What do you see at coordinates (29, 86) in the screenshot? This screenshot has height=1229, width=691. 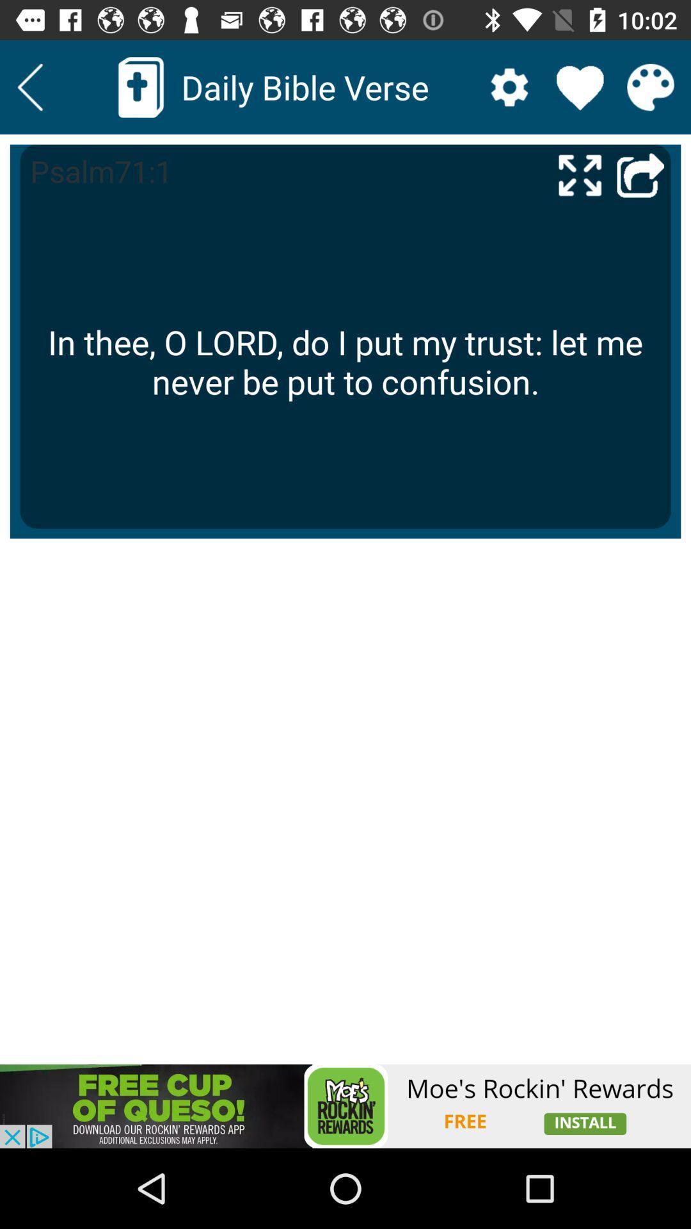 I see `go back` at bounding box center [29, 86].